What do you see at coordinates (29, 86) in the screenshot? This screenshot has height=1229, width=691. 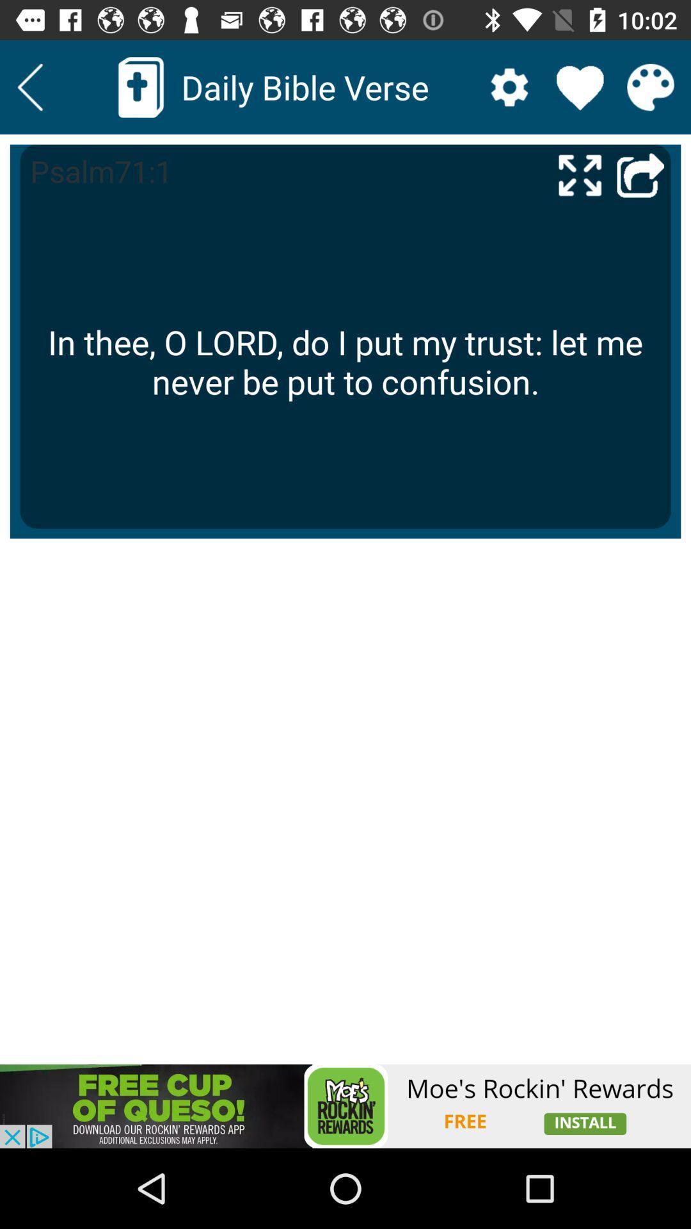 I see `go back` at bounding box center [29, 86].